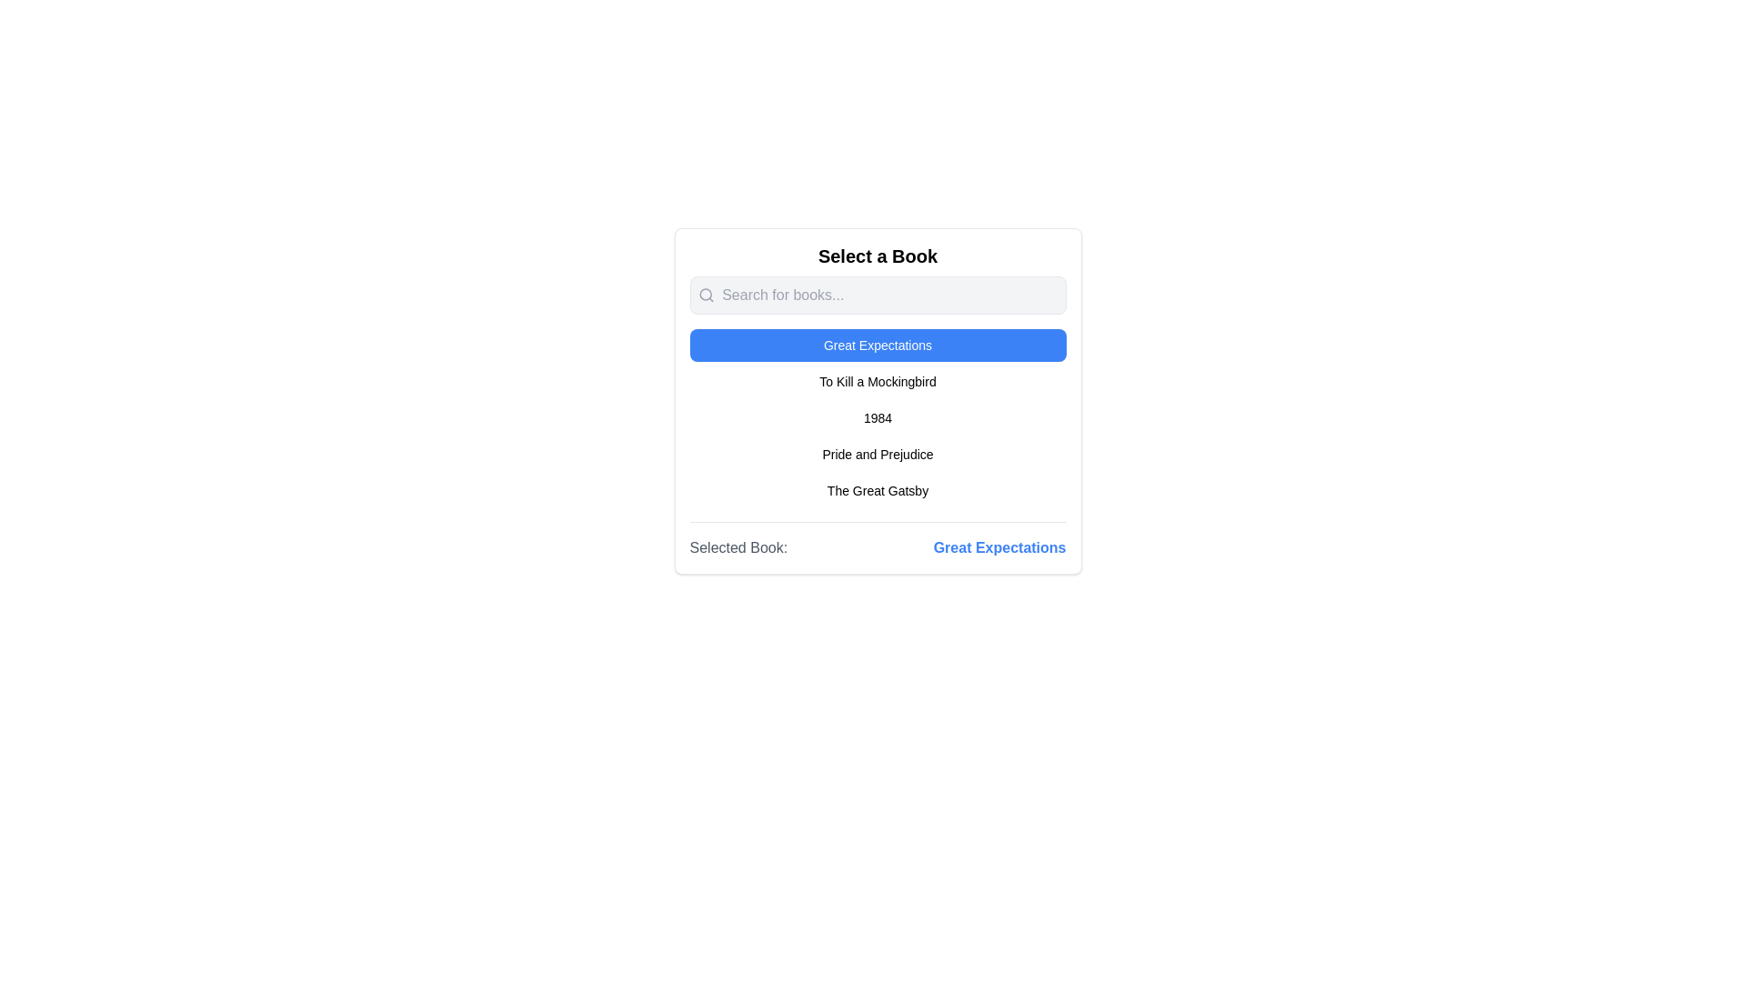  What do you see at coordinates (878, 381) in the screenshot?
I see `the second selectable book title in the list, which is positioned between 'Great Expectations' and '1984'` at bounding box center [878, 381].